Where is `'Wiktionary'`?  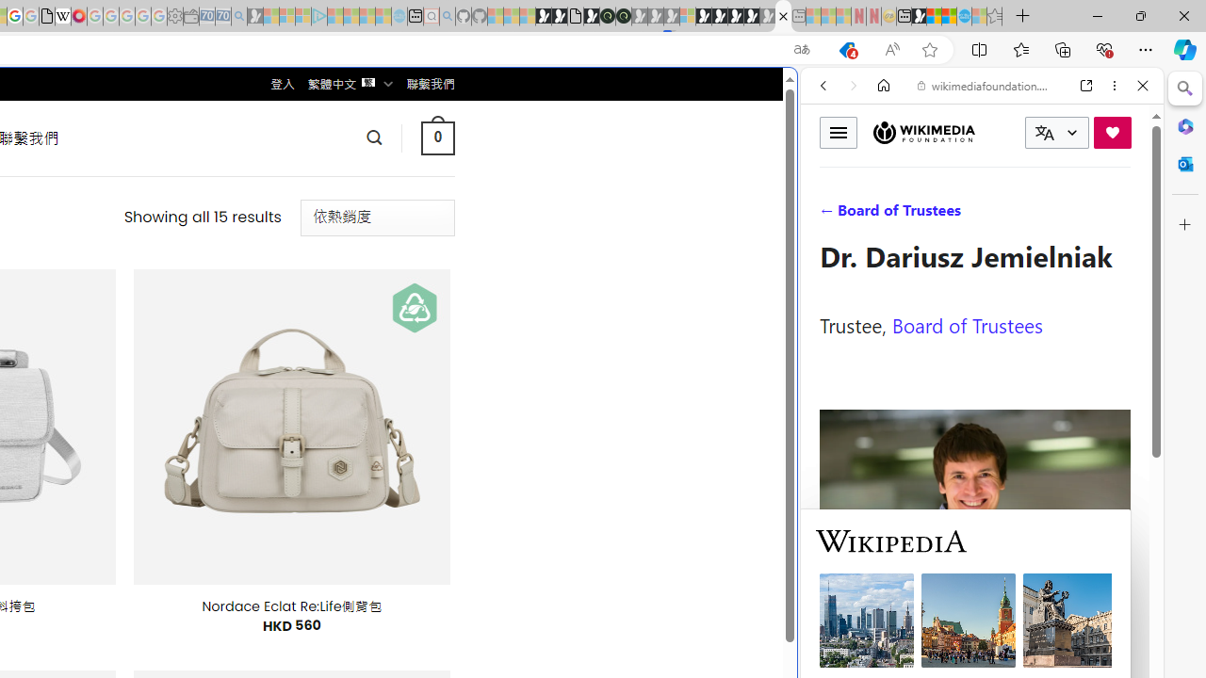
'Wiktionary' is located at coordinates (974, 630).